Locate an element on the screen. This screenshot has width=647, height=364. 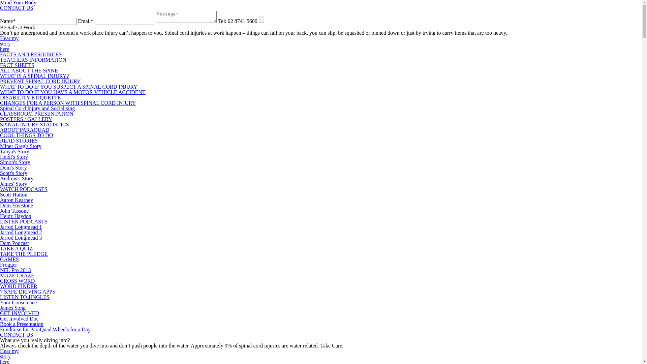
'Tanya's Story' is located at coordinates (14, 151).